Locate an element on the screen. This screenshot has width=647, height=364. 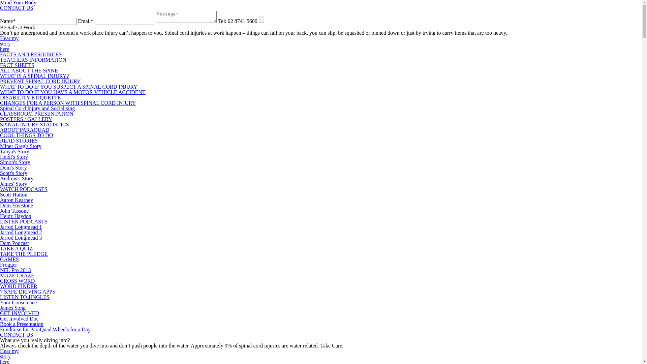
'Tanya's Story' is located at coordinates (14, 151).